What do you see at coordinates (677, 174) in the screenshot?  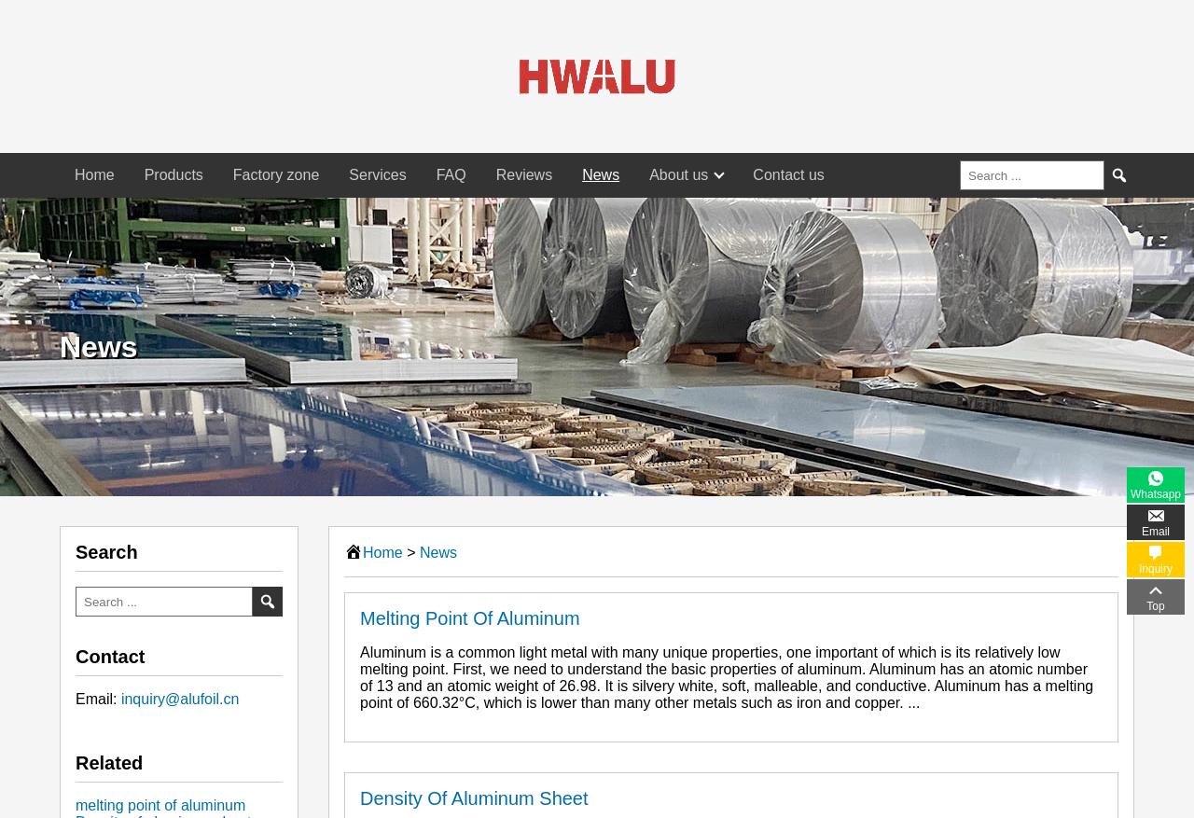 I see `'About us'` at bounding box center [677, 174].